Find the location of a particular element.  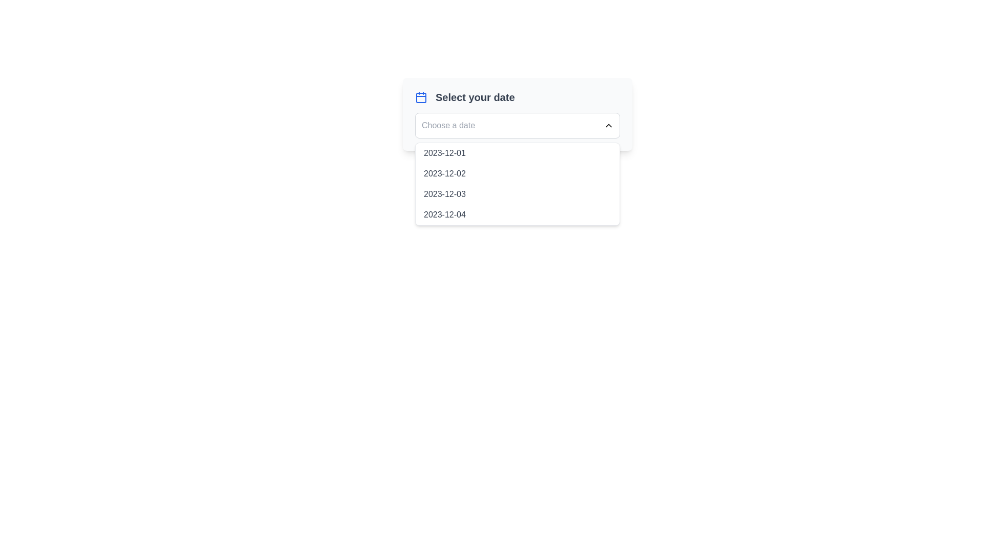

the small upward-pointing arrow icon located at the far right of the date picker input field is located at coordinates (609, 125).